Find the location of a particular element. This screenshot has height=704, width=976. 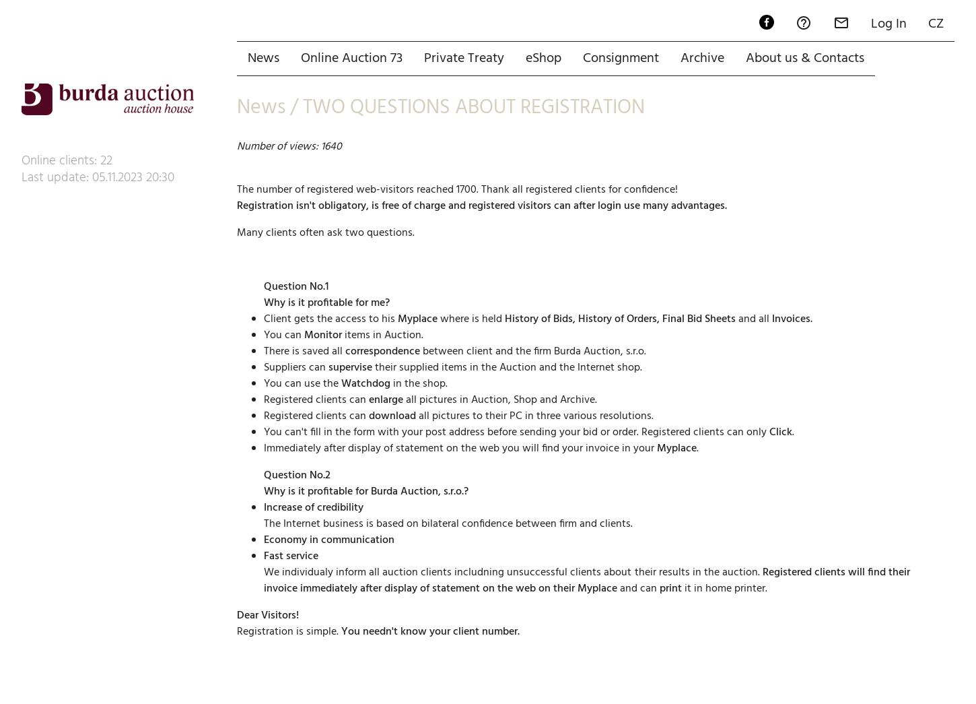

'and all' is located at coordinates (753, 270).